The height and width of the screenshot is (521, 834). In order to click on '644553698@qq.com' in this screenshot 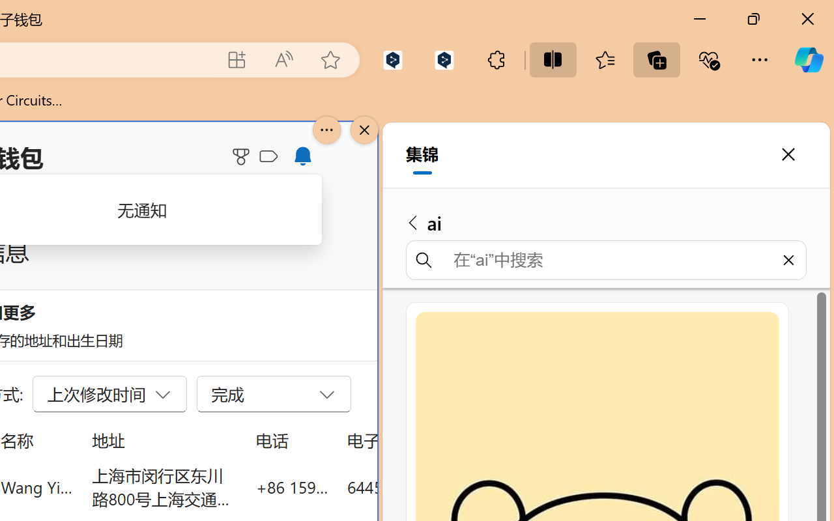, I will do `click(420, 486)`.